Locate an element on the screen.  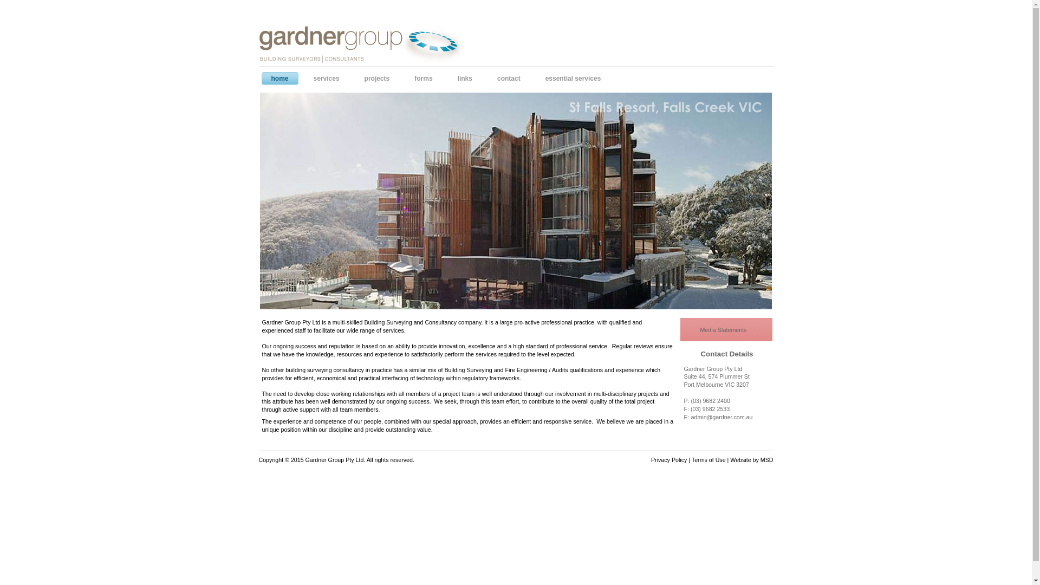
'Media Statements' is located at coordinates (726, 330).